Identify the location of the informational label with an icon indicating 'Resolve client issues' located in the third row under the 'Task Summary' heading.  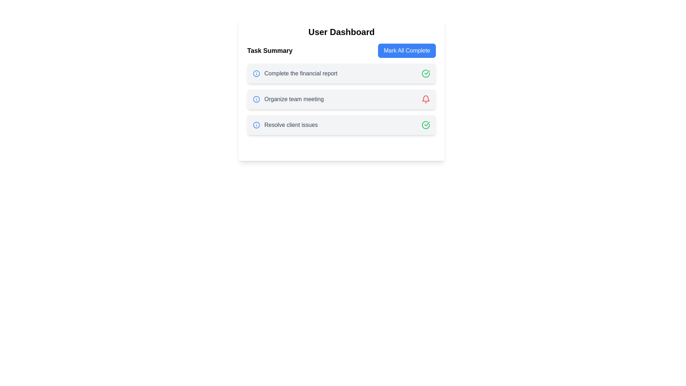
(285, 125).